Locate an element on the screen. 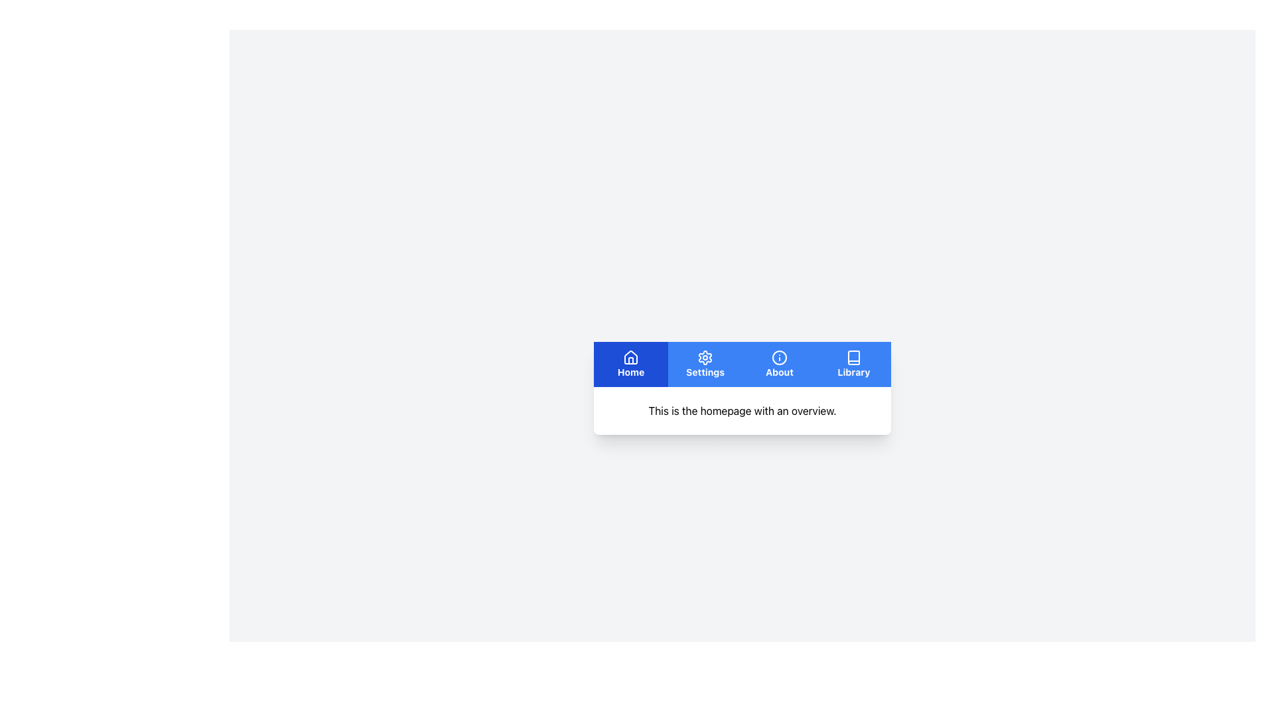  the 'About' icon located at the center of the navigation bar, which provides information about the application is located at coordinates (780, 357).